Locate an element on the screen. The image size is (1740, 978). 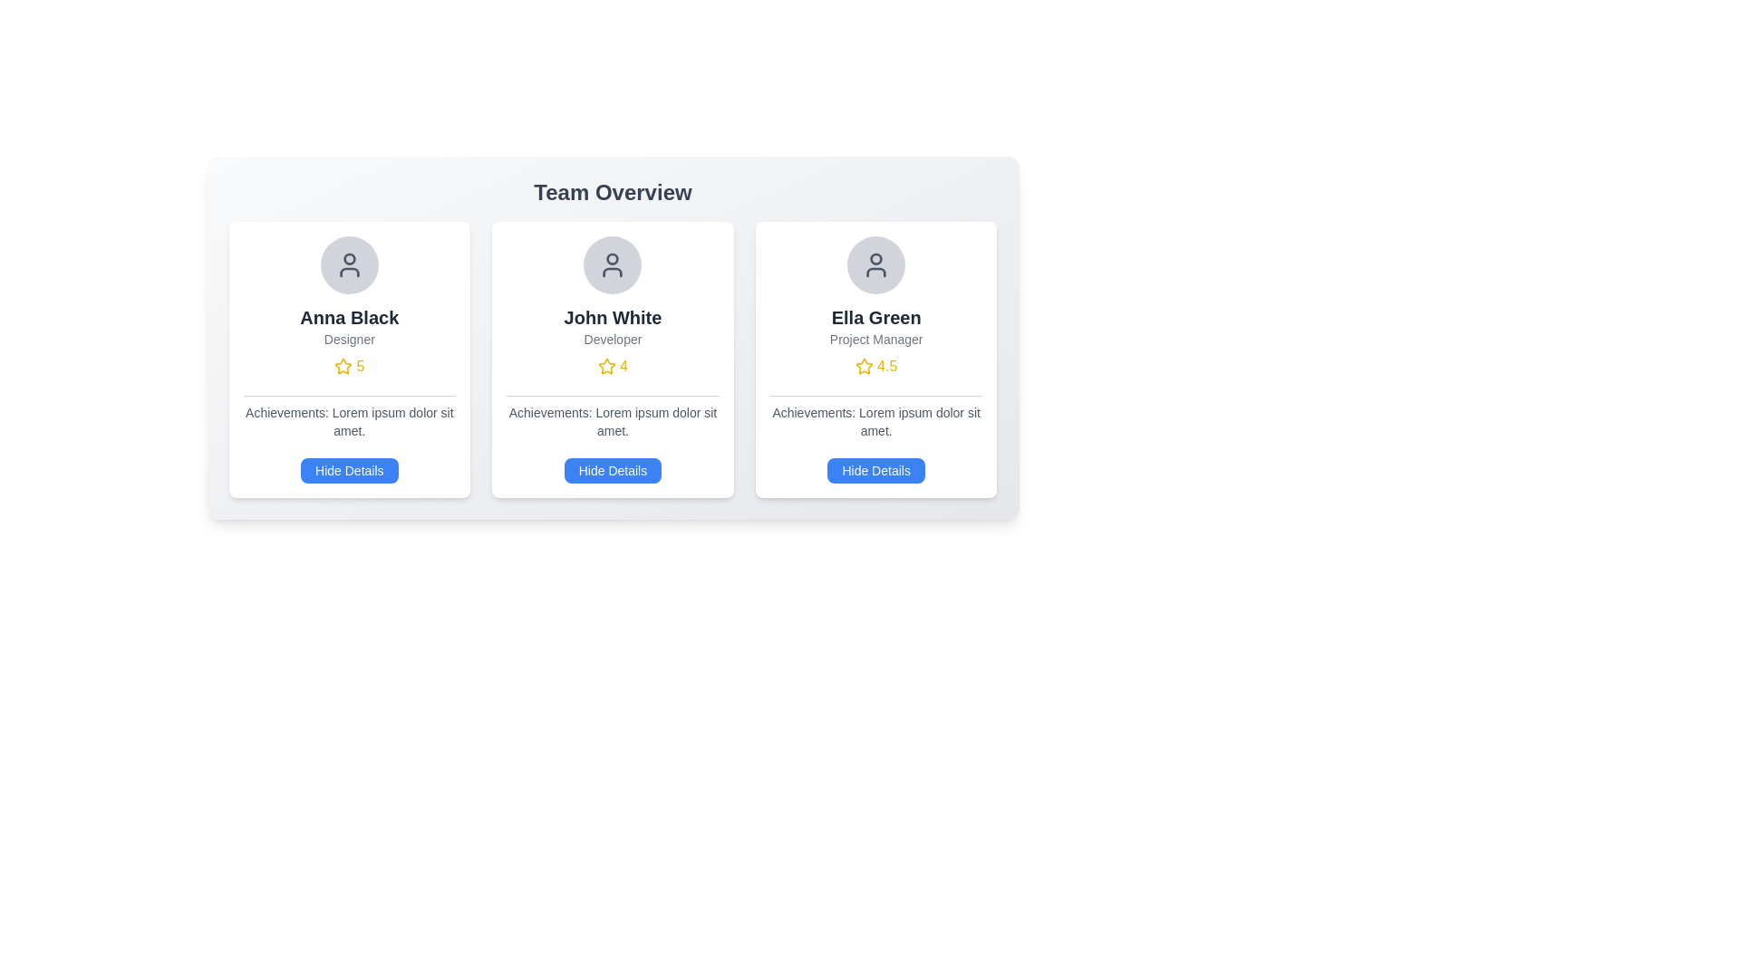
the button at the bottom of the card for 'Anna Black' is located at coordinates (349, 470).